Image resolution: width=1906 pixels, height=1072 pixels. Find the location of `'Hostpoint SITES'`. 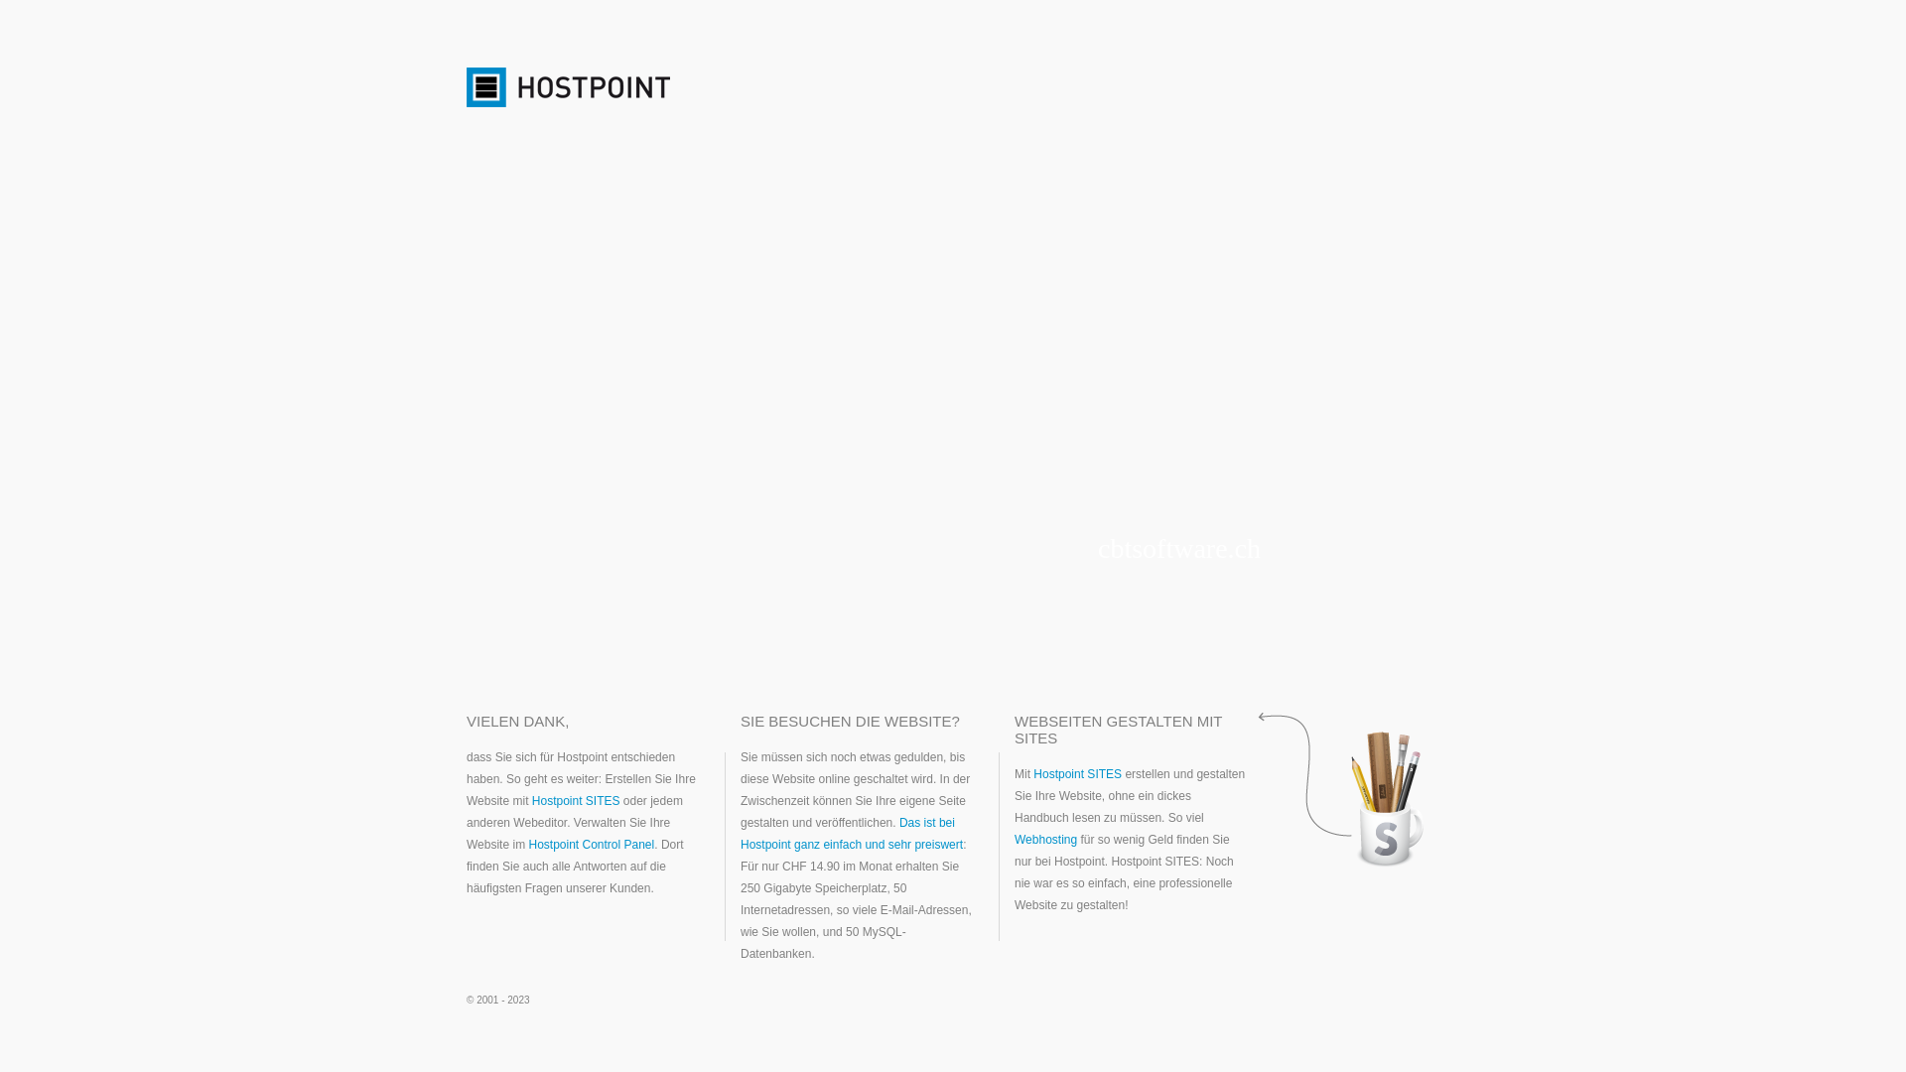

'Hostpoint SITES' is located at coordinates (575, 799).